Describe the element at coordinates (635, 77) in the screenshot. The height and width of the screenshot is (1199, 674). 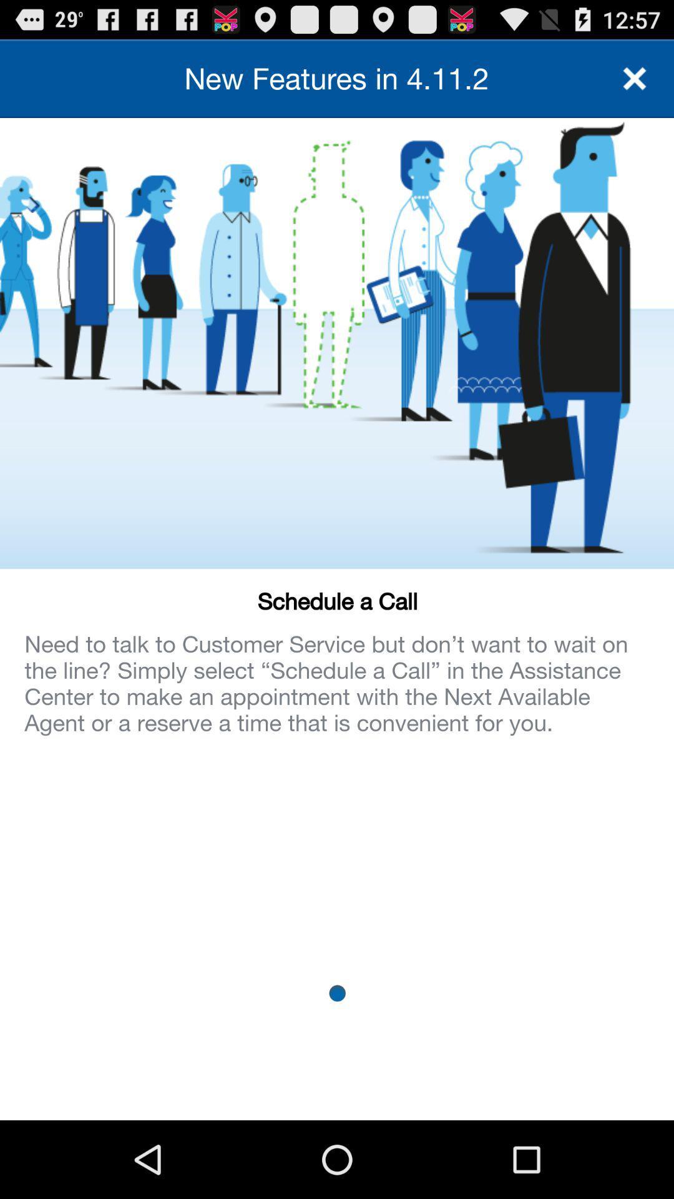
I see `exit` at that location.